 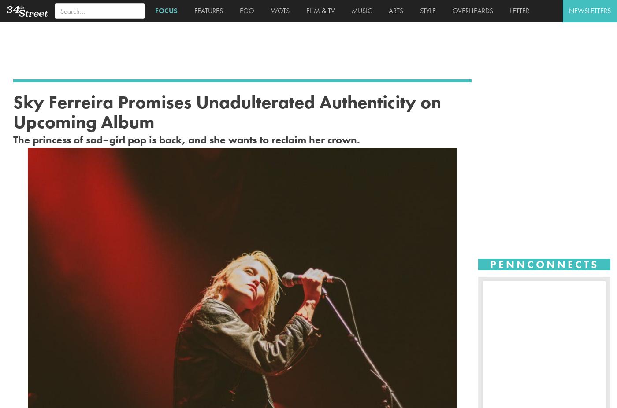 I want to click on 'WOTS', so click(x=278, y=10).